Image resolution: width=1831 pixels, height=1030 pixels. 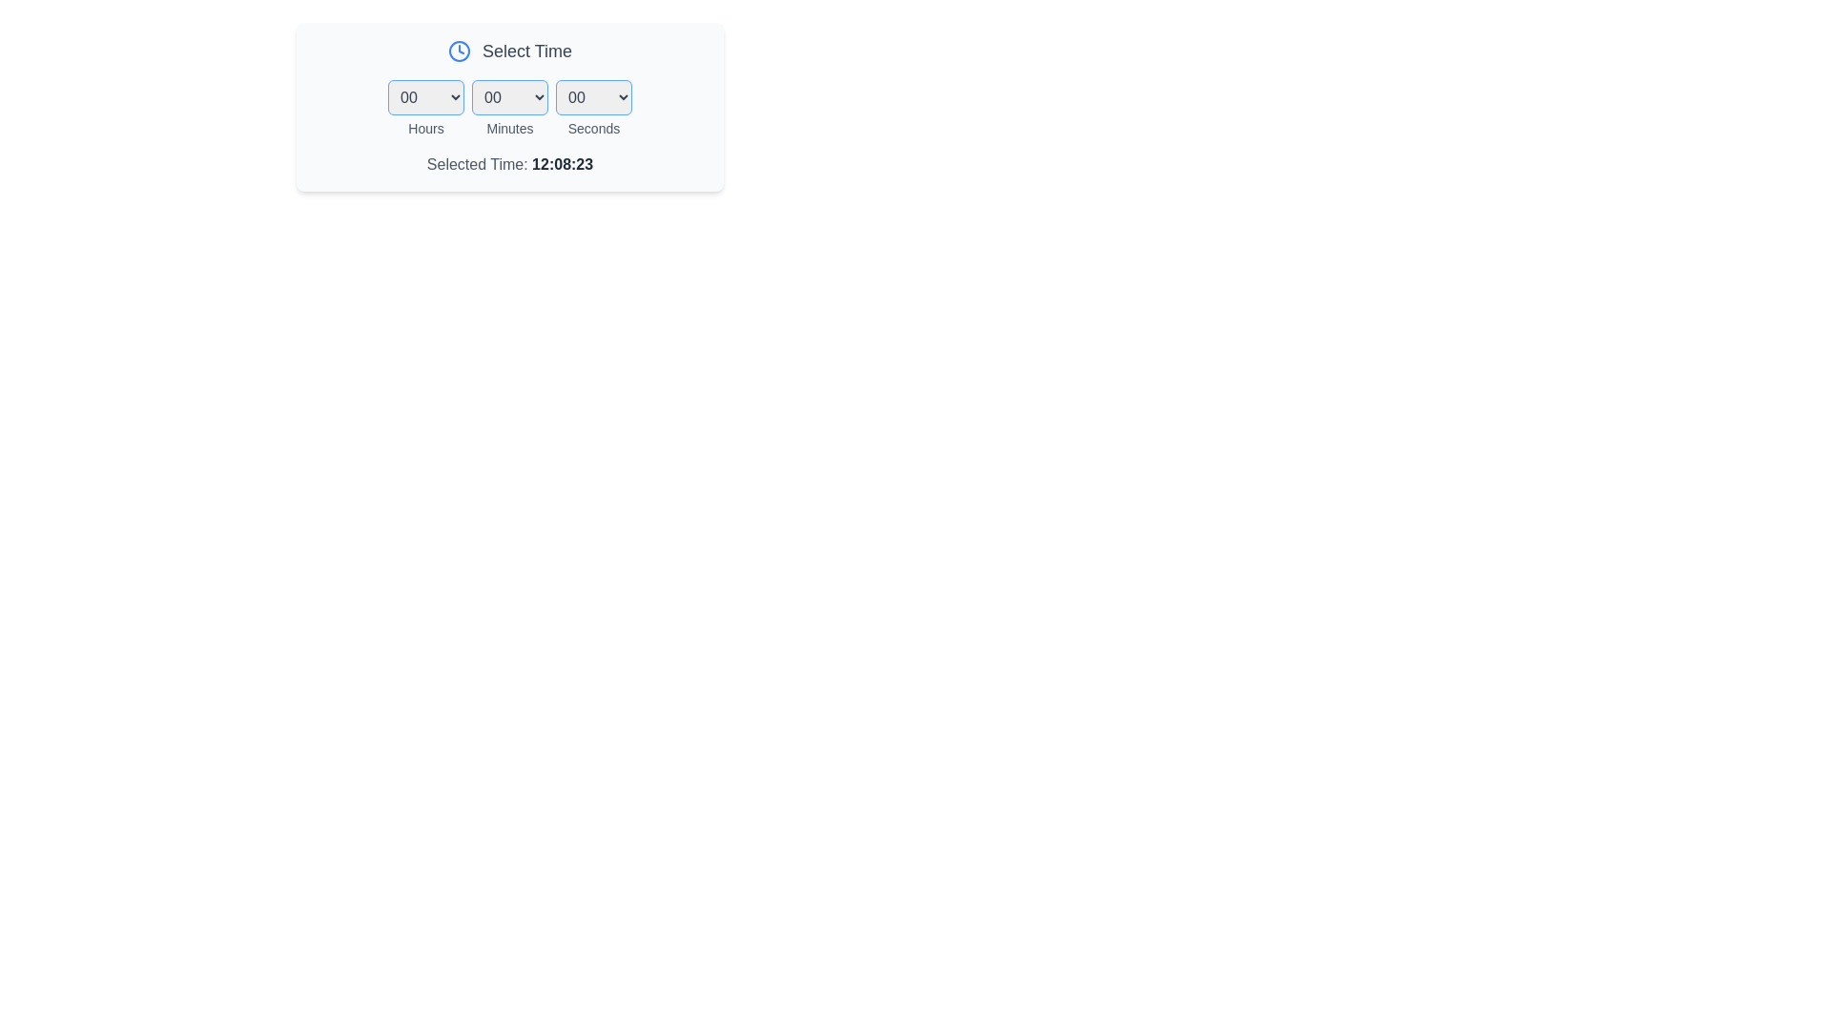 I want to click on the 'Seconds' dropdown menu, so click(x=593, y=97).